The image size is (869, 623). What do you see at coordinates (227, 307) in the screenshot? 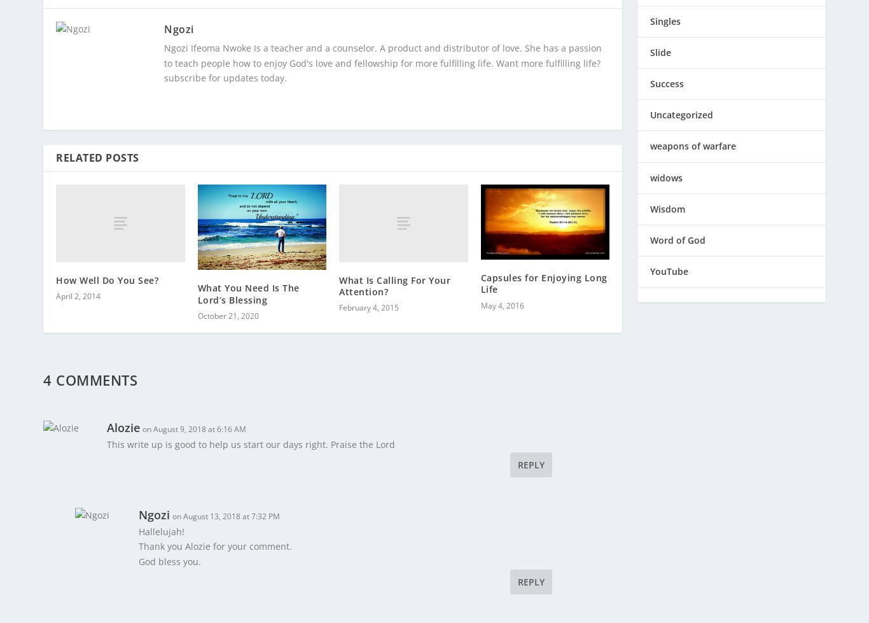
I see `'October 21, 2020'` at bounding box center [227, 307].